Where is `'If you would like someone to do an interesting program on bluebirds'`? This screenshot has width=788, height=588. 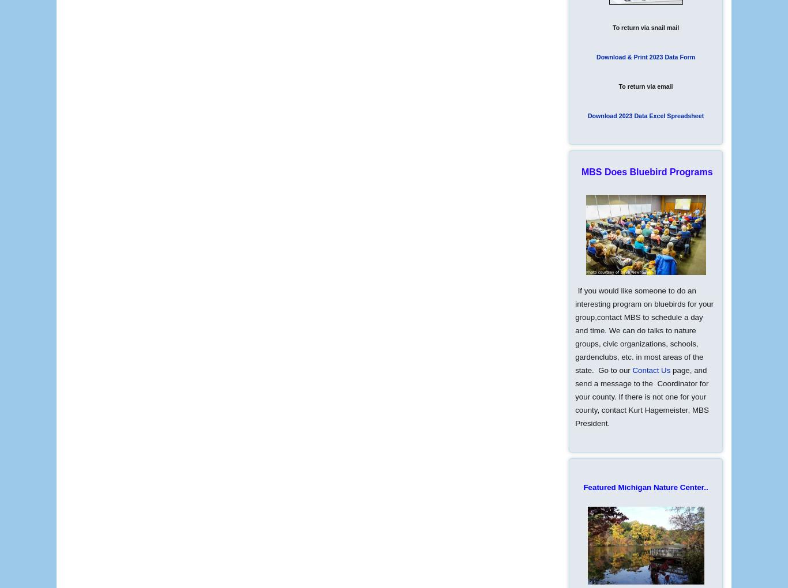 'If you would like someone to do an interesting program on bluebirds' is located at coordinates (575, 297).